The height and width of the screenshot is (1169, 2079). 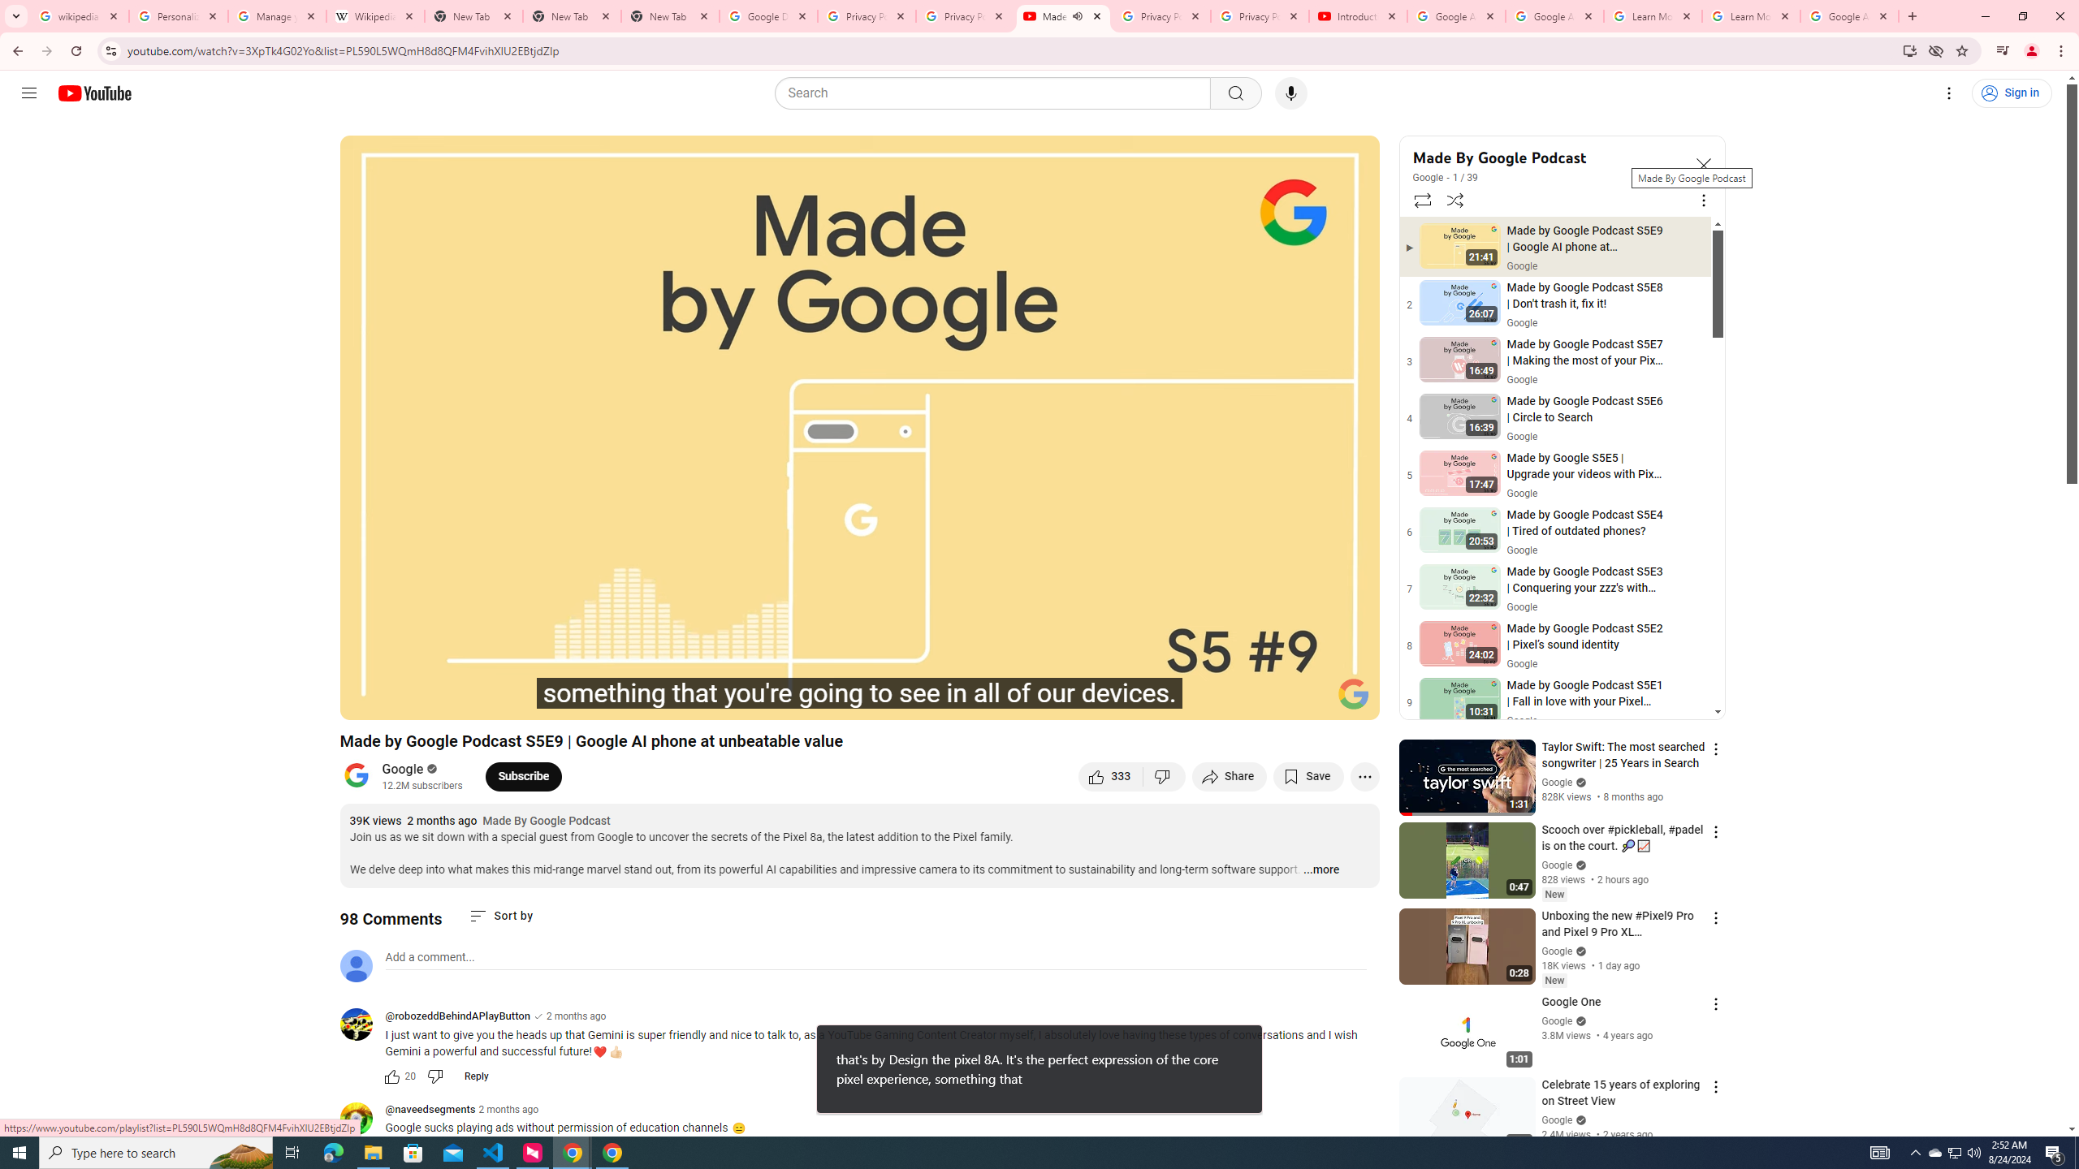 What do you see at coordinates (179, 15) in the screenshot?
I see `'Personalization & Google Search results - Google Search Help'` at bounding box center [179, 15].